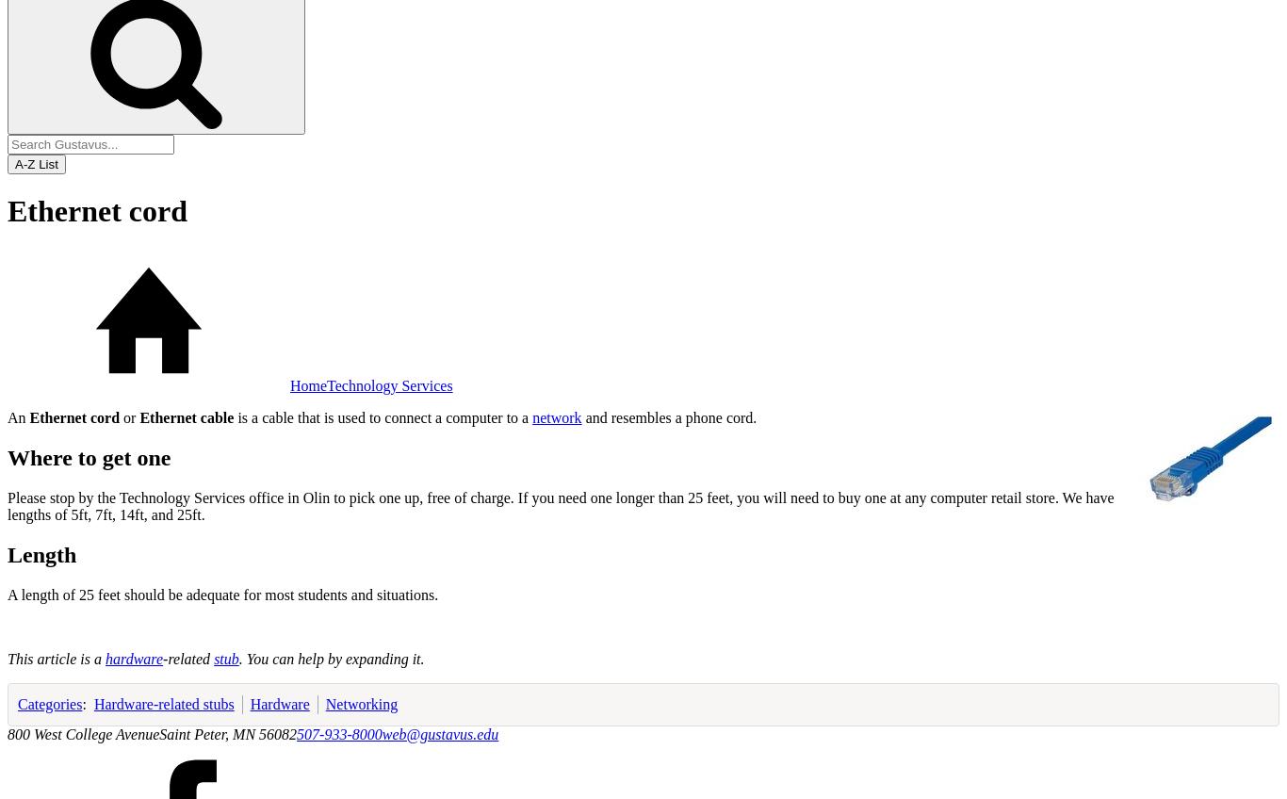 Image resolution: width=1287 pixels, height=799 pixels. Describe the element at coordinates (162, 702) in the screenshot. I see `'Hardware-related stubs'` at that location.